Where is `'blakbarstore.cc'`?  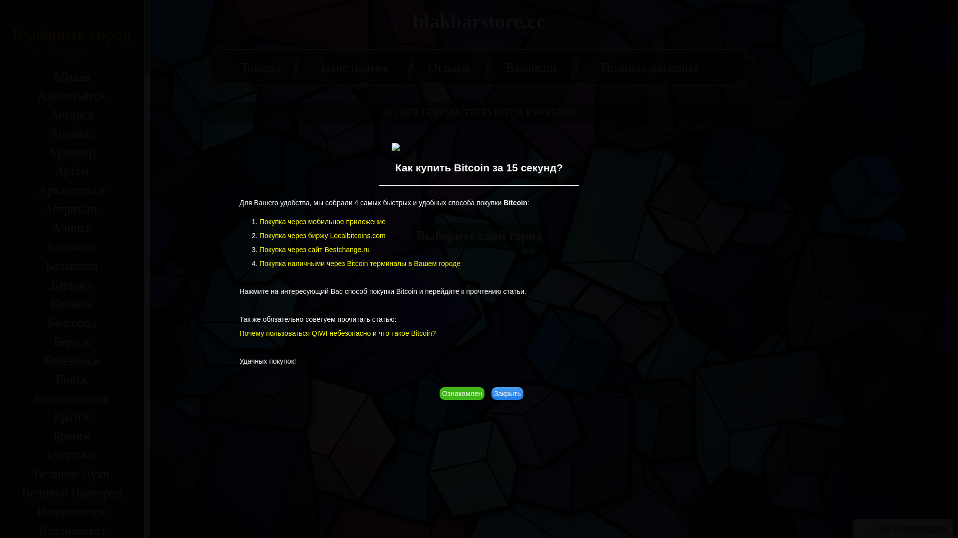 'blakbarstore.cc' is located at coordinates (413, 21).